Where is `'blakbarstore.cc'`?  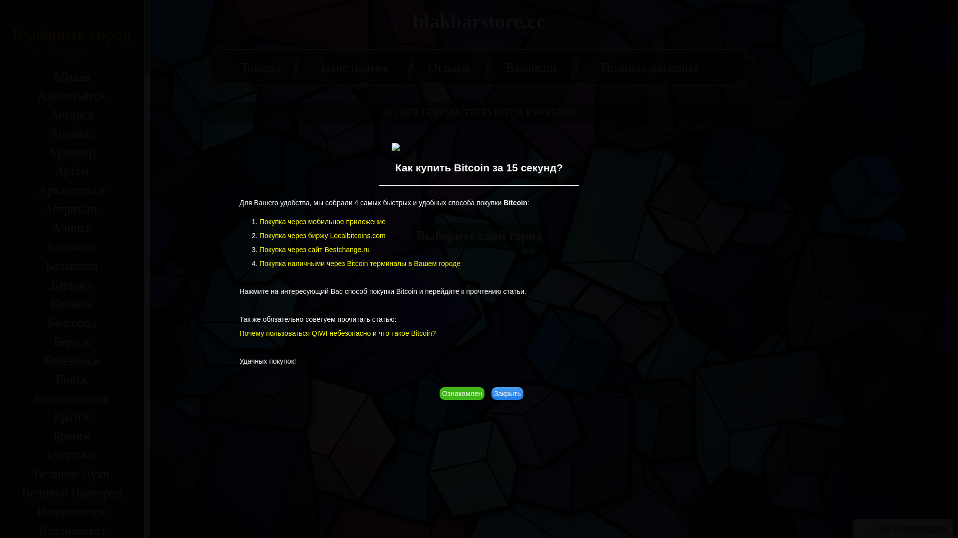 'blakbarstore.cc' is located at coordinates (413, 21).